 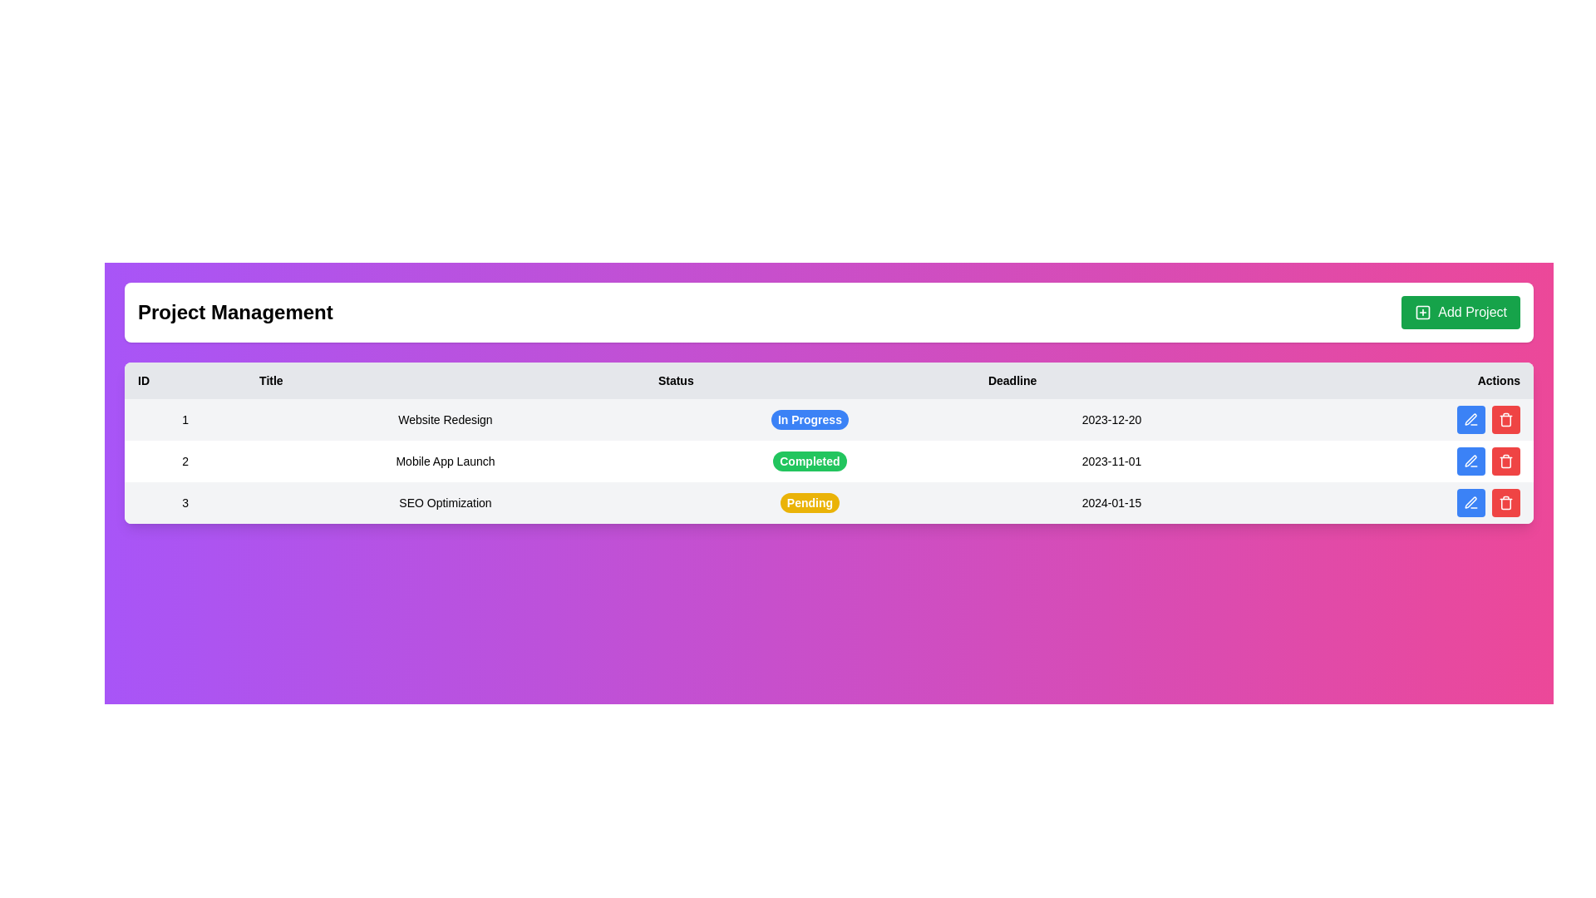 What do you see at coordinates (1505, 461) in the screenshot?
I see `the delete button with an icon in the rightmost column of the table under the 'Actions' header` at bounding box center [1505, 461].